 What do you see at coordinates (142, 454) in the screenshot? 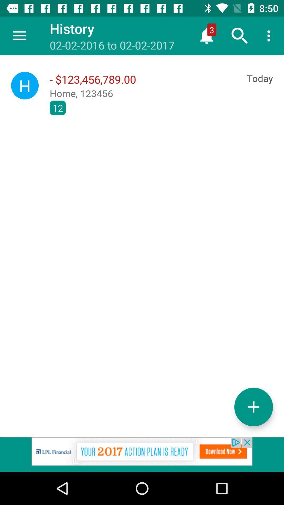
I see `advertisement link` at bounding box center [142, 454].